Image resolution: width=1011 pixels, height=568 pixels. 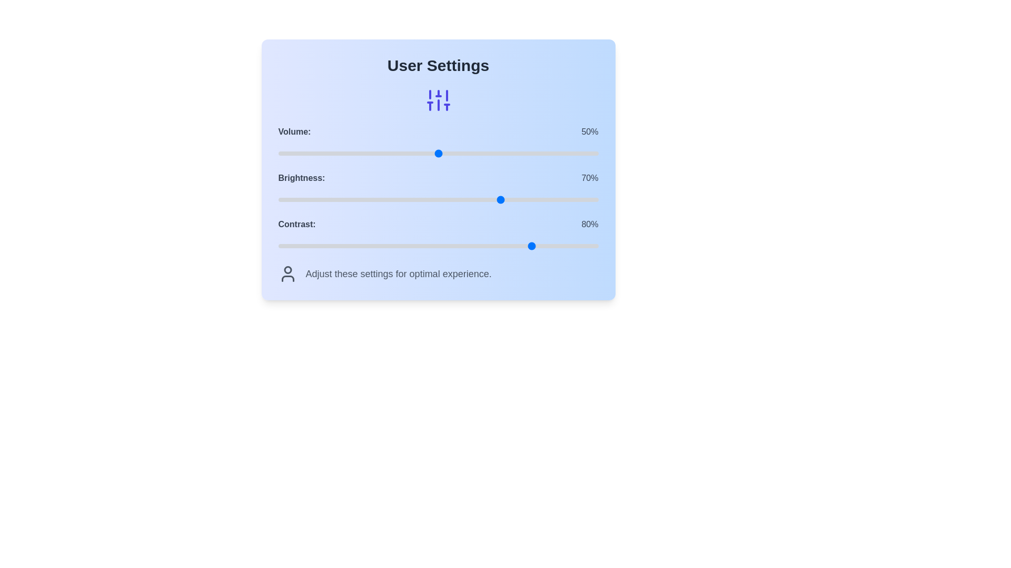 What do you see at coordinates (355, 246) in the screenshot?
I see `contrast` at bounding box center [355, 246].